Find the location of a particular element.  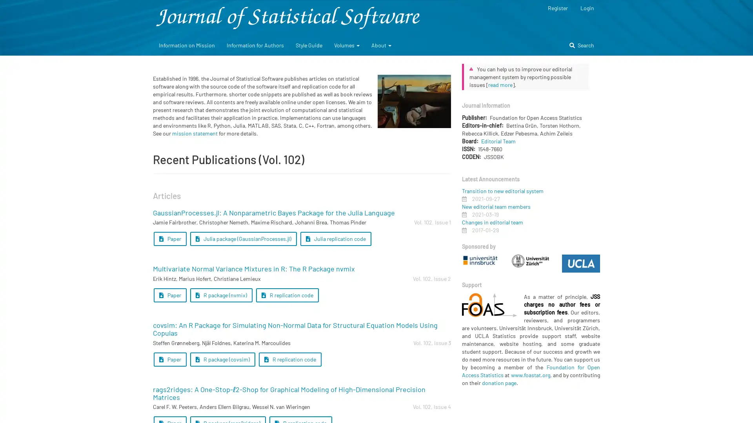

R replication code is located at coordinates (289, 359).